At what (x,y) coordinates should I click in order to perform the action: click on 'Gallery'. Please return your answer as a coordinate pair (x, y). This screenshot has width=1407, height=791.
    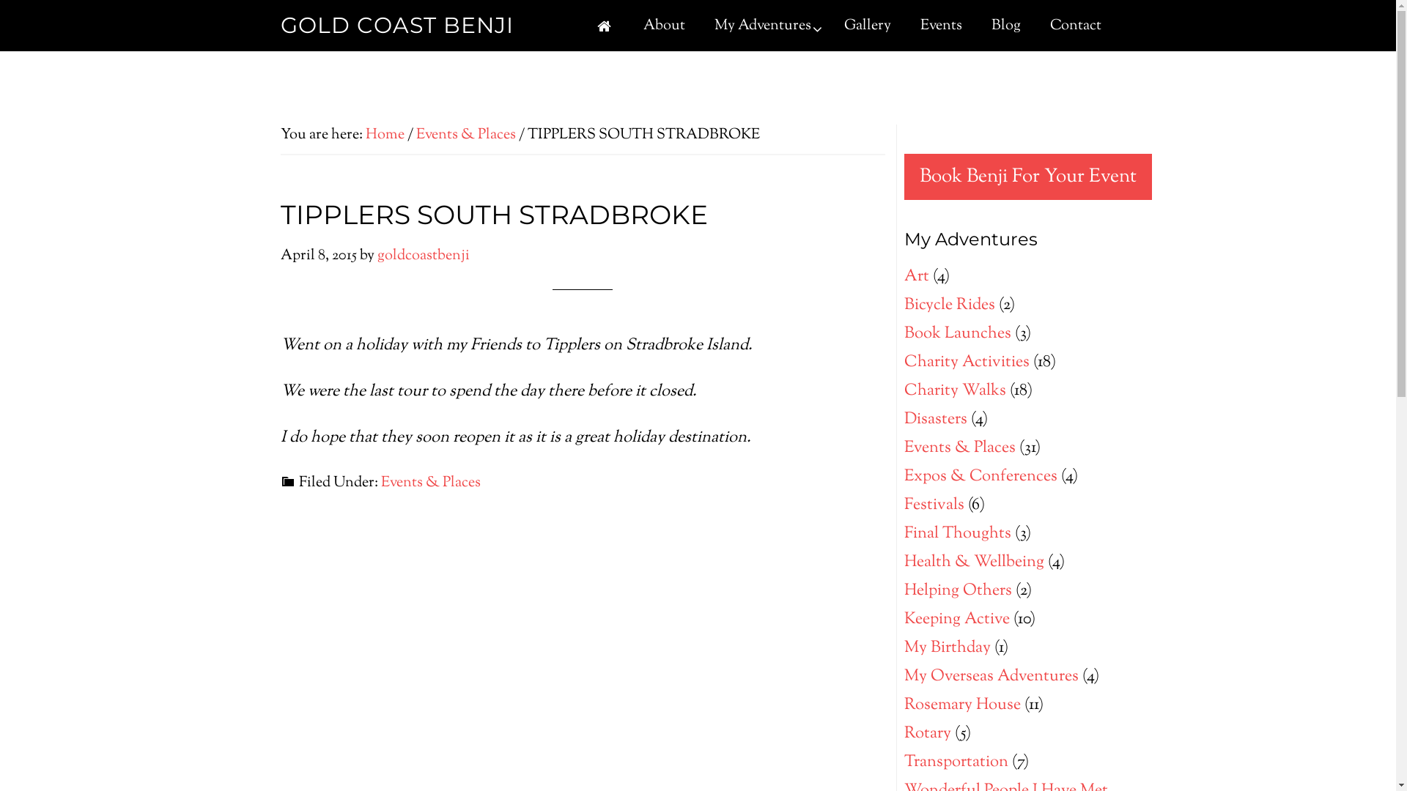
    Looking at the image, I should click on (868, 26).